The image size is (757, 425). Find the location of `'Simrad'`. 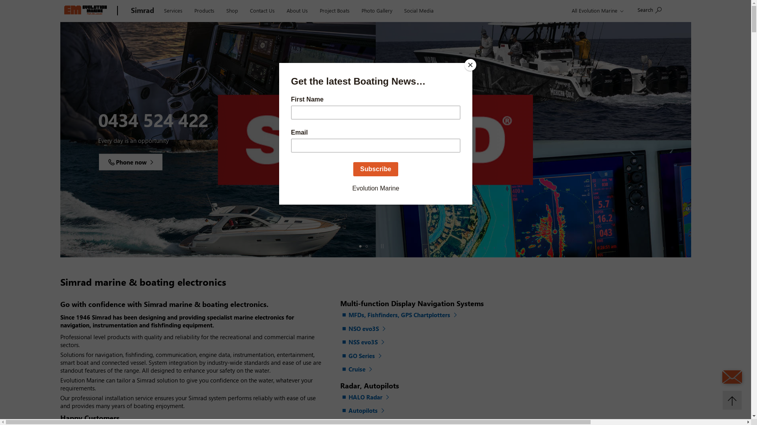

'Simrad' is located at coordinates (142, 11).